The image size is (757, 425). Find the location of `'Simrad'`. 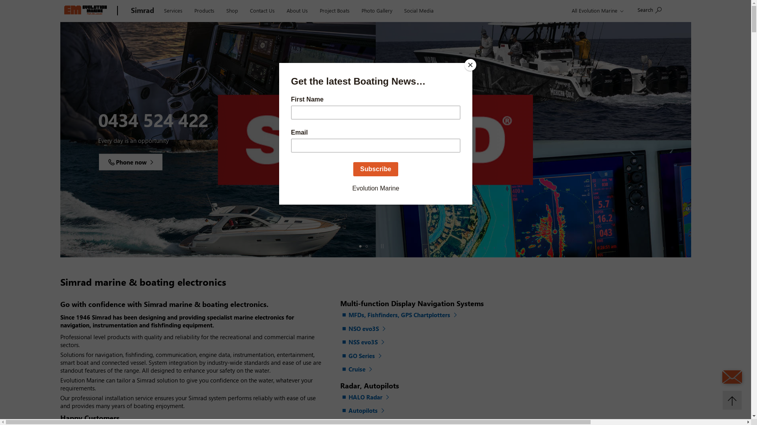

'Simrad' is located at coordinates (142, 11).